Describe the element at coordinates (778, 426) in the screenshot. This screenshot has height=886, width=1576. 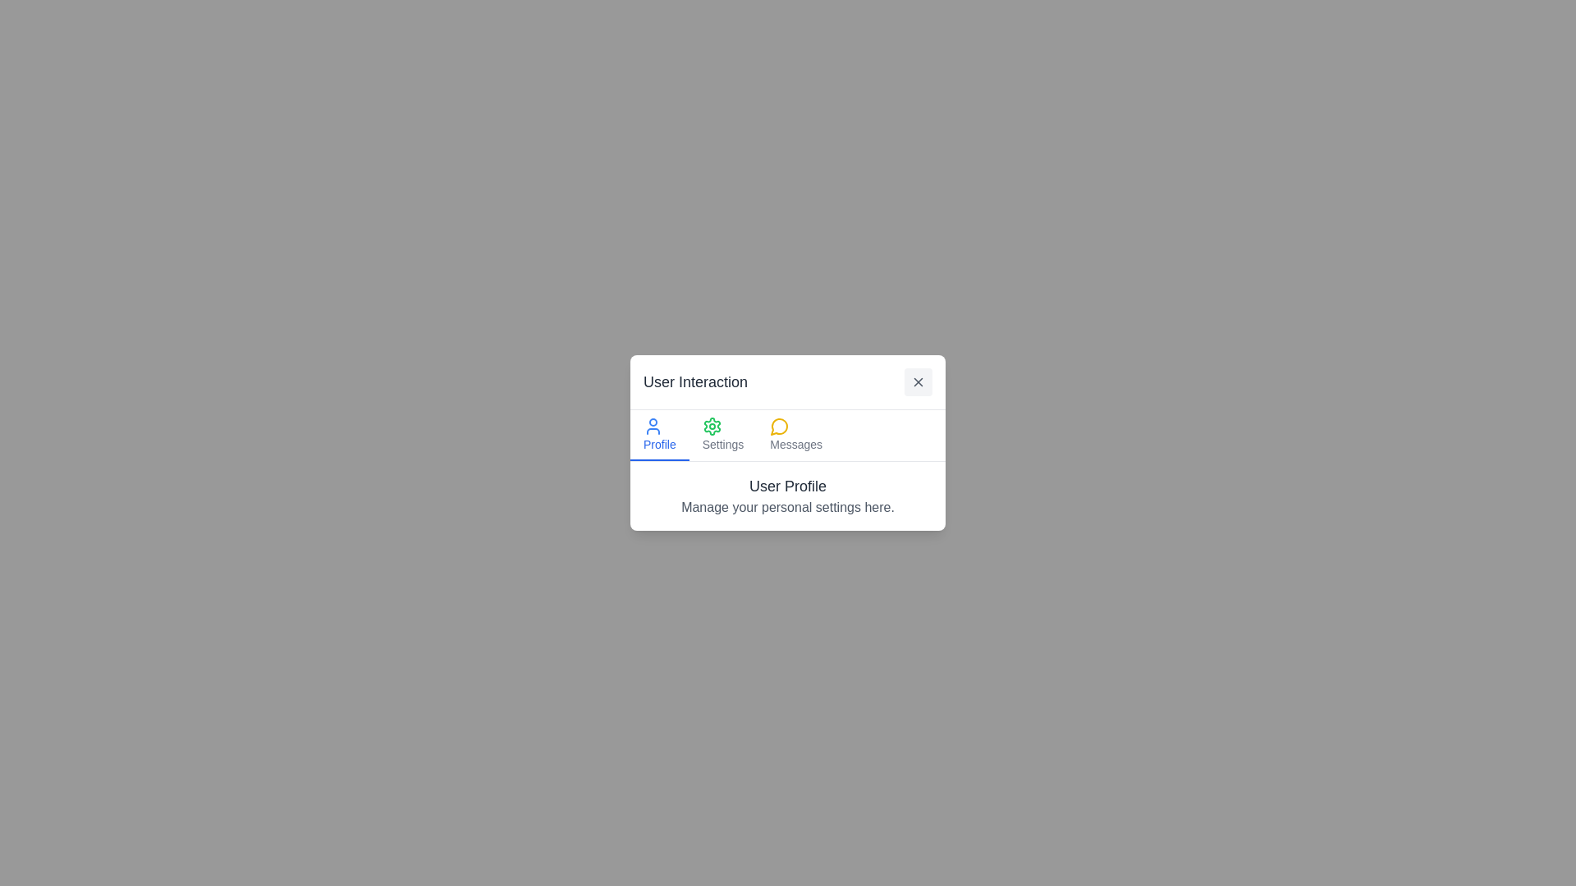
I see `the decorative speech bubble icon located in the 'Messages' section to focus on it` at that location.